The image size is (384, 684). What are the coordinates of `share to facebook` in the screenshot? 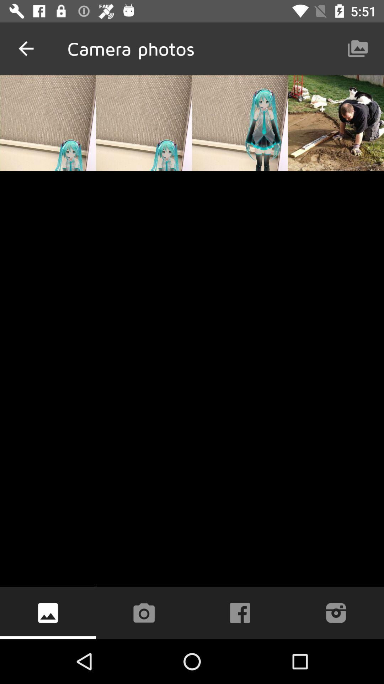 It's located at (240, 612).